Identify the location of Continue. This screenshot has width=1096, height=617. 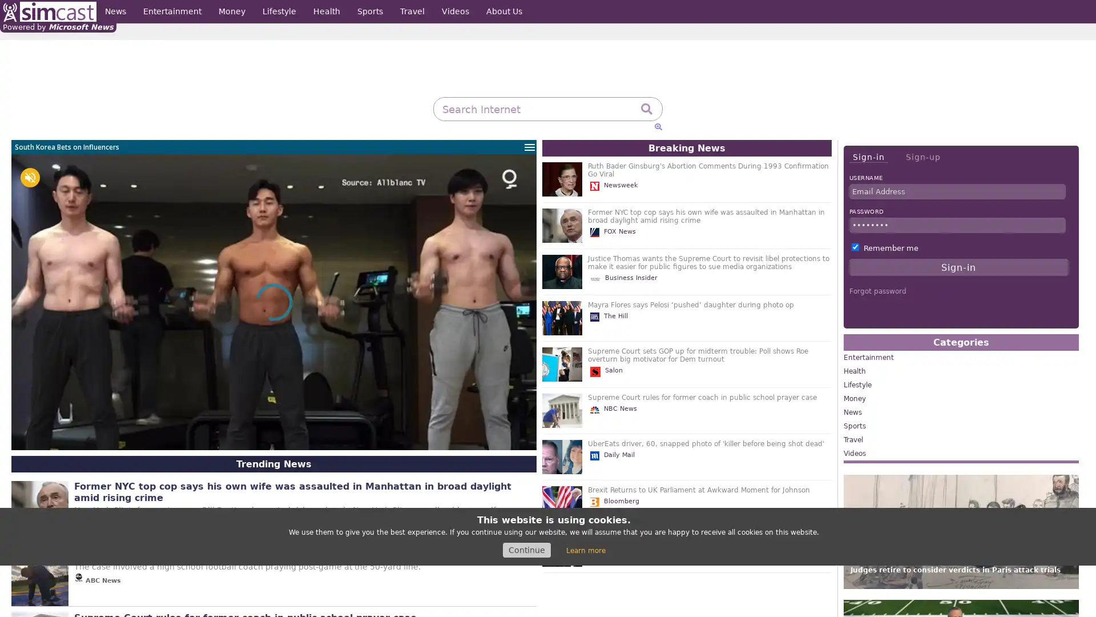
(526, 550).